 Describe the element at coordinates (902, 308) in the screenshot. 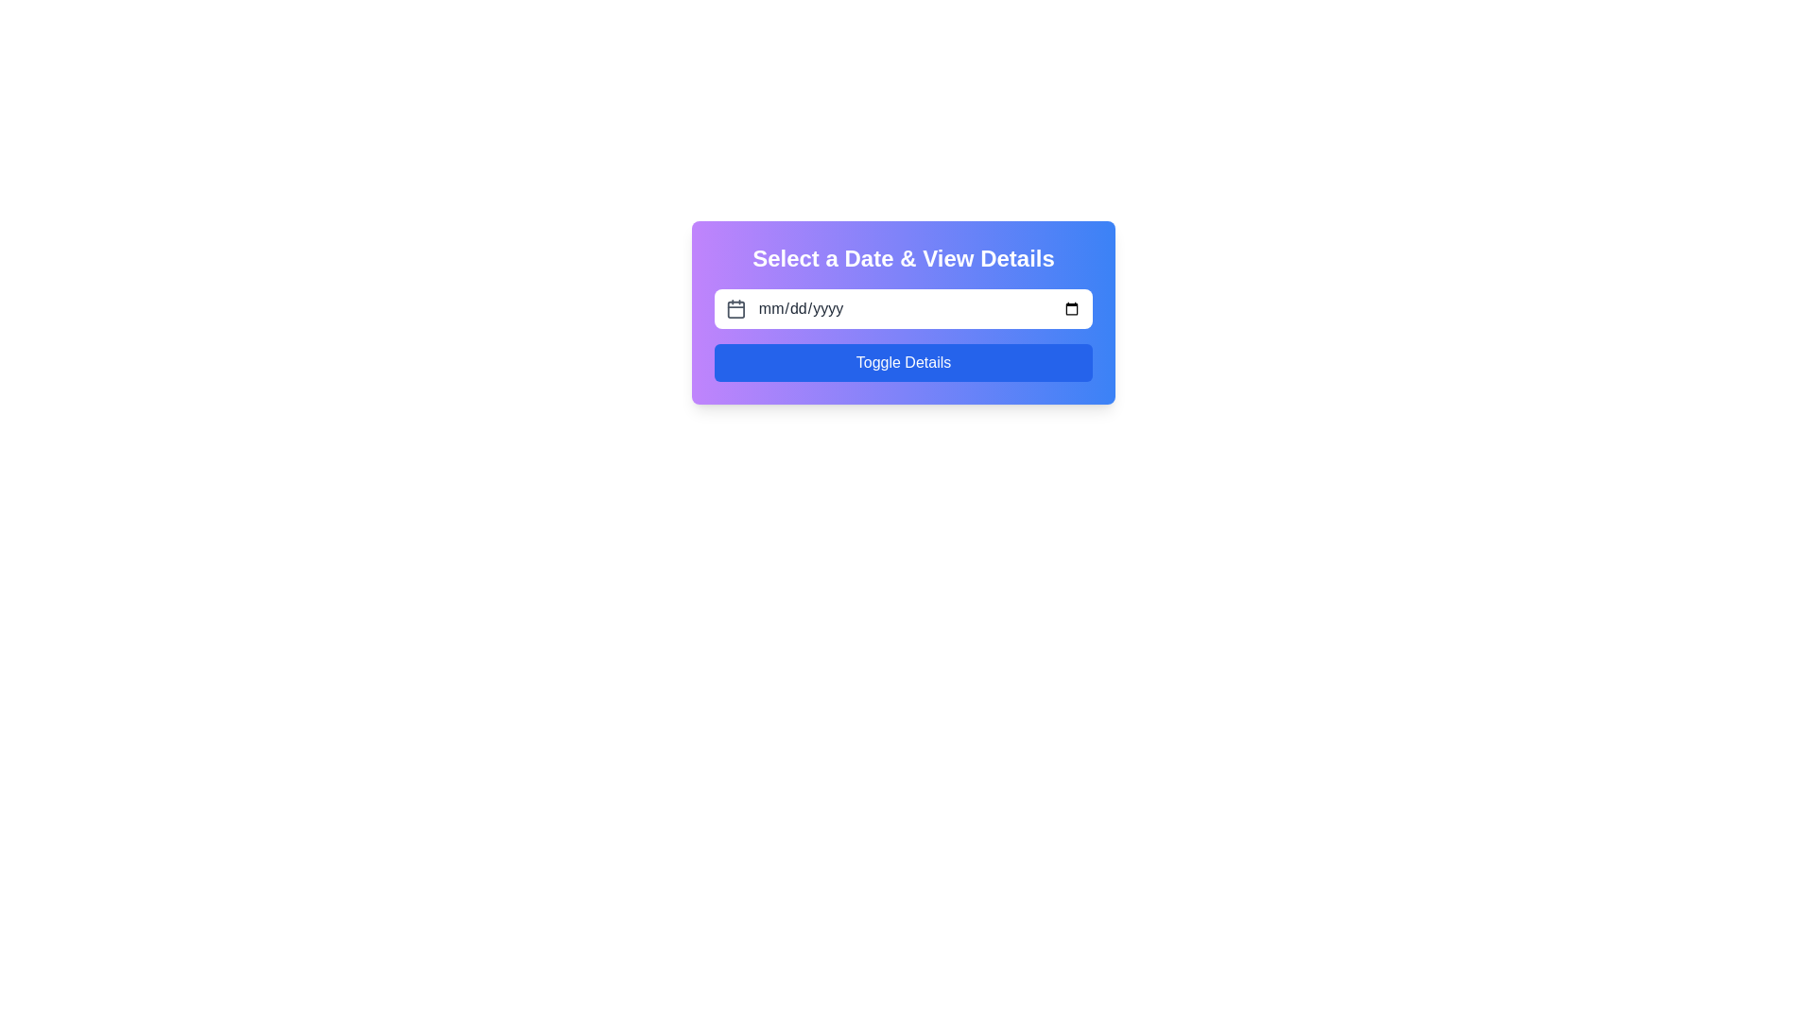

I see `the date input field within the Date Picker Input Area` at that location.